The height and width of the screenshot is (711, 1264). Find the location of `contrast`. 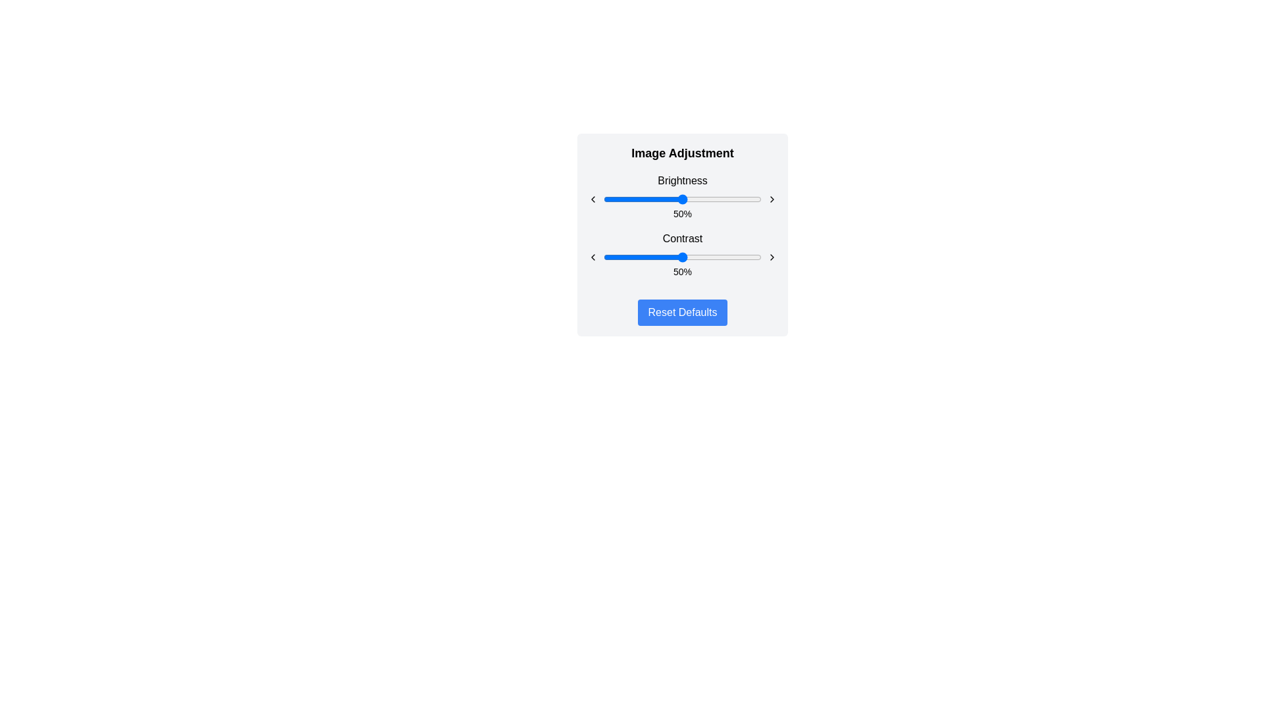

contrast is located at coordinates (716, 257).